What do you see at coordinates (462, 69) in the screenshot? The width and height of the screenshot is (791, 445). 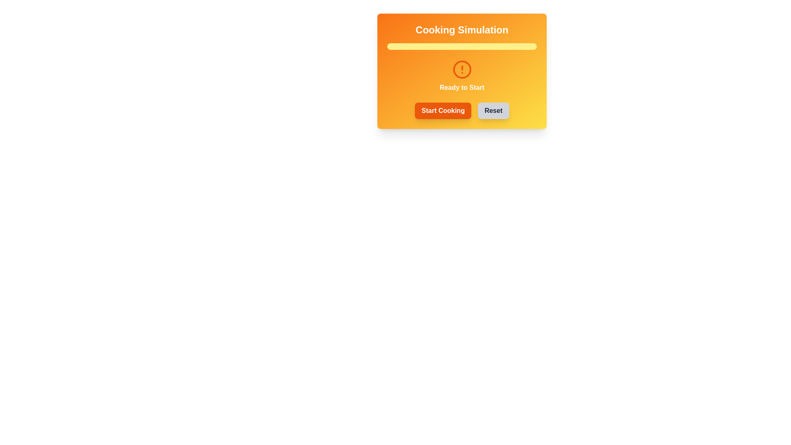 I see `the circular part of the alert icon located in the top-center of the orange-yellow gradient card, which is above the 'Ready to Start' label and the buttons labeled 'Start Cooking' and 'Reset'` at bounding box center [462, 69].